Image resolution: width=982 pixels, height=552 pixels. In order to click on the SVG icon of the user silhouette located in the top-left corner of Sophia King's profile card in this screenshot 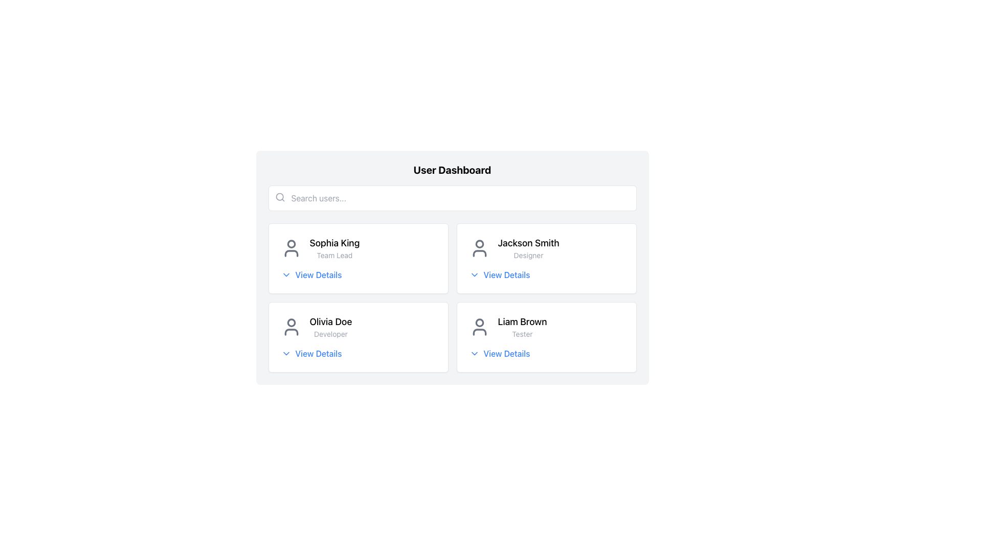, I will do `click(291, 248)`.